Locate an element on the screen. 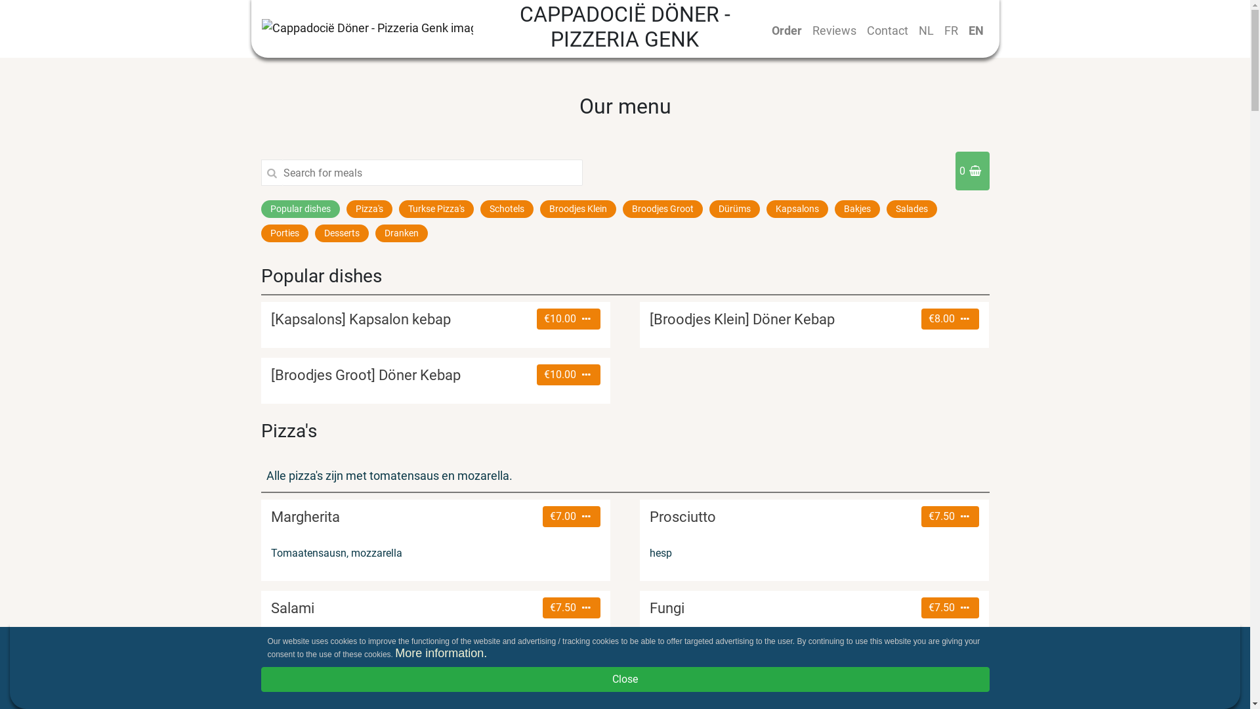 The height and width of the screenshot is (709, 1260). 'Dranken' is located at coordinates (400, 232).